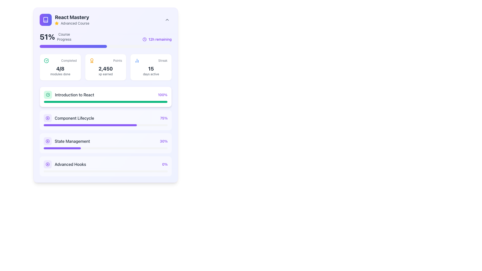 This screenshot has width=482, height=271. What do you see at coordinates (56, 23) in the screenshot?
I see `the star icon, which is filled with yellow and has a black outline, located above the text 'Advanced Course'` at bounding box center [56, 23].